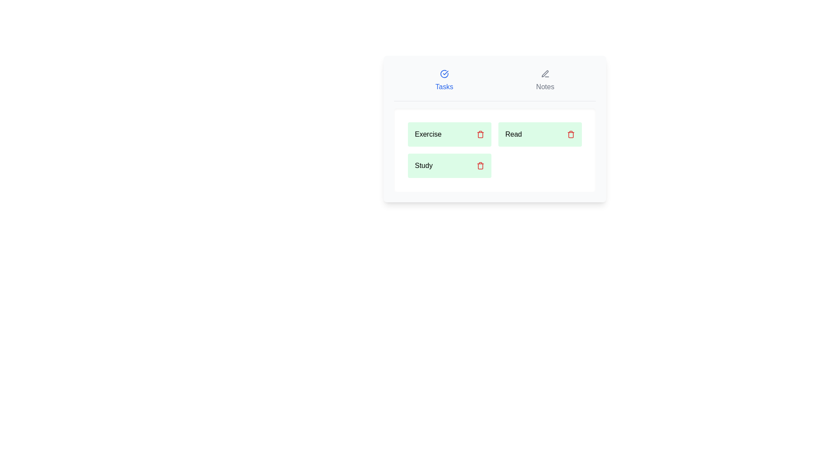  Describe the element at coordinates (444, 81) in the screenshot. I see `the active tab labeled 'Tasks' to refresh its content` at that location.